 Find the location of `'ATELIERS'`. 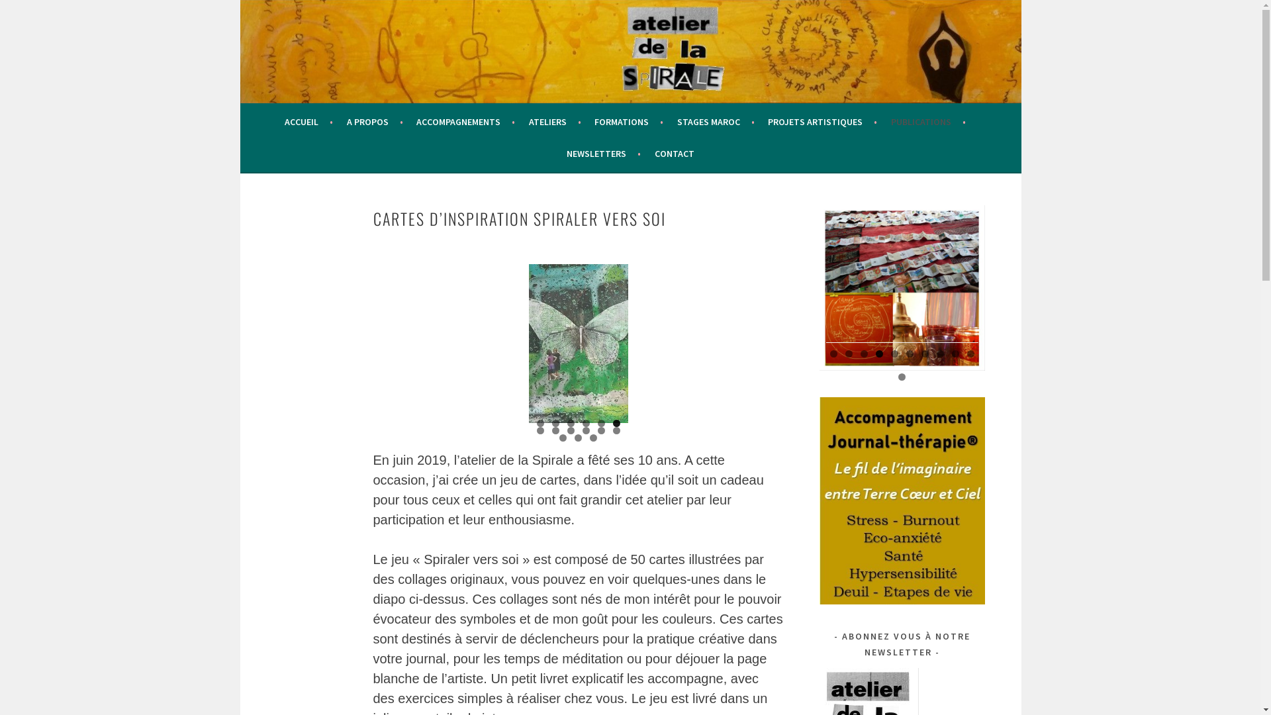

'ATELIERS' is located at coordinates (555, 122).